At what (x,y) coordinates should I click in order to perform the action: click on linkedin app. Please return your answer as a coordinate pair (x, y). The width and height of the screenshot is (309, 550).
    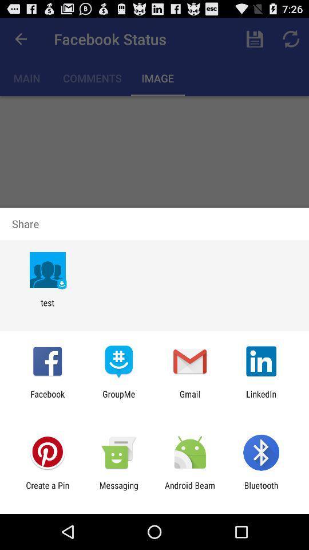
    Looking at the image, I should click on (261, 399).